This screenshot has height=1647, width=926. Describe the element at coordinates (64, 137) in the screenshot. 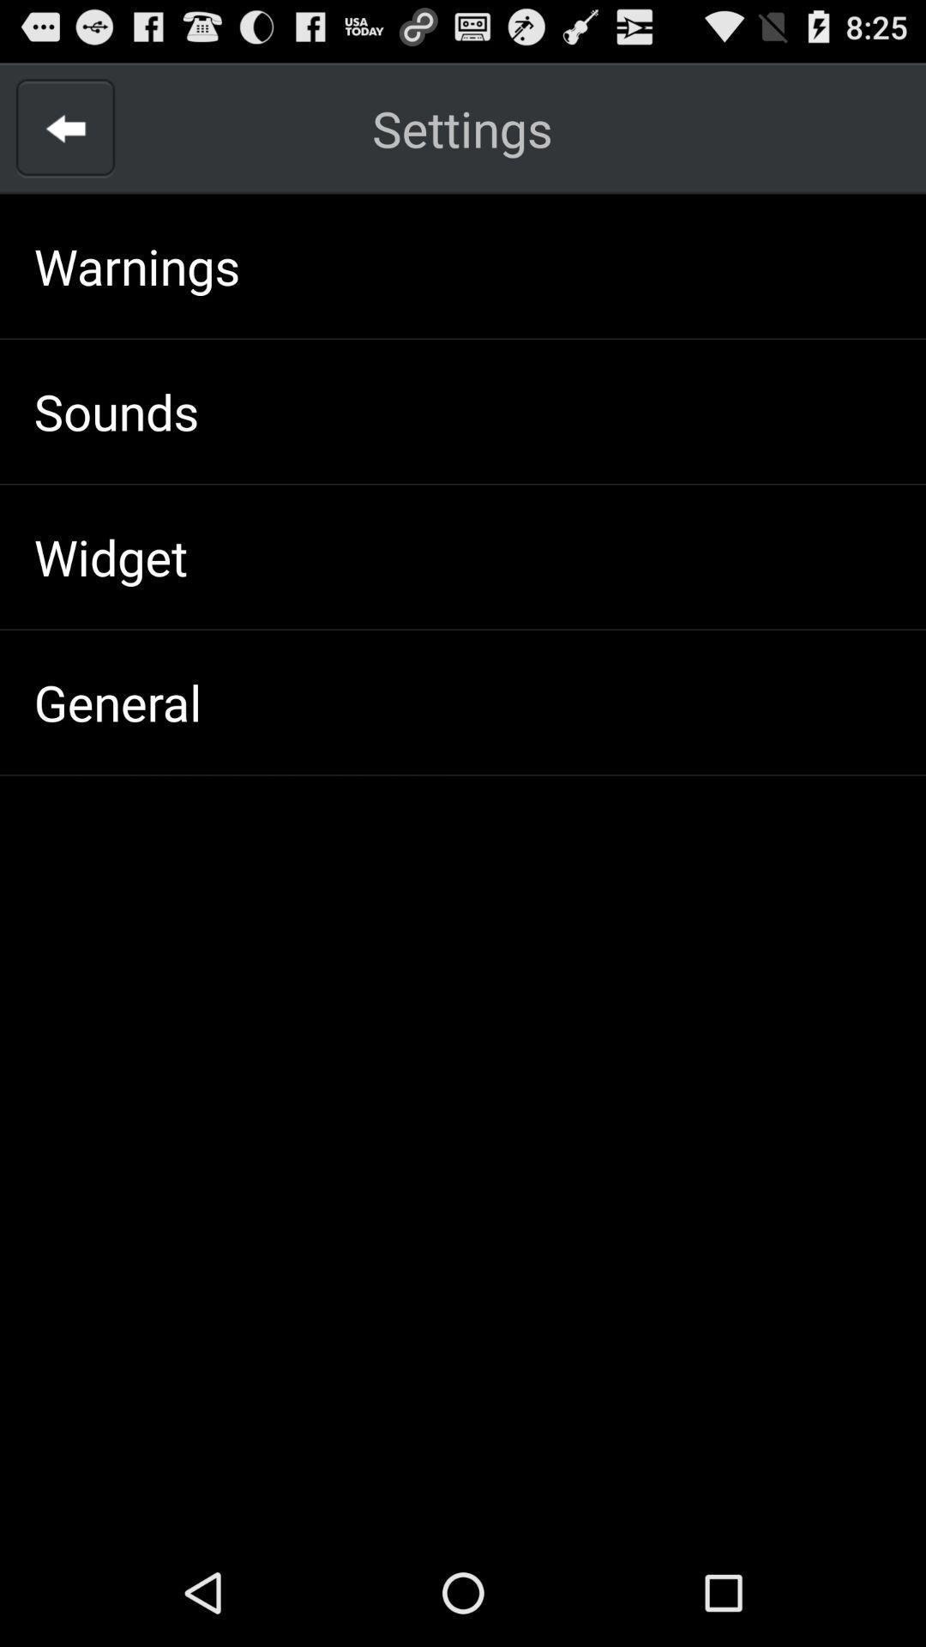

I see `the arrow_backward icon` at that location.